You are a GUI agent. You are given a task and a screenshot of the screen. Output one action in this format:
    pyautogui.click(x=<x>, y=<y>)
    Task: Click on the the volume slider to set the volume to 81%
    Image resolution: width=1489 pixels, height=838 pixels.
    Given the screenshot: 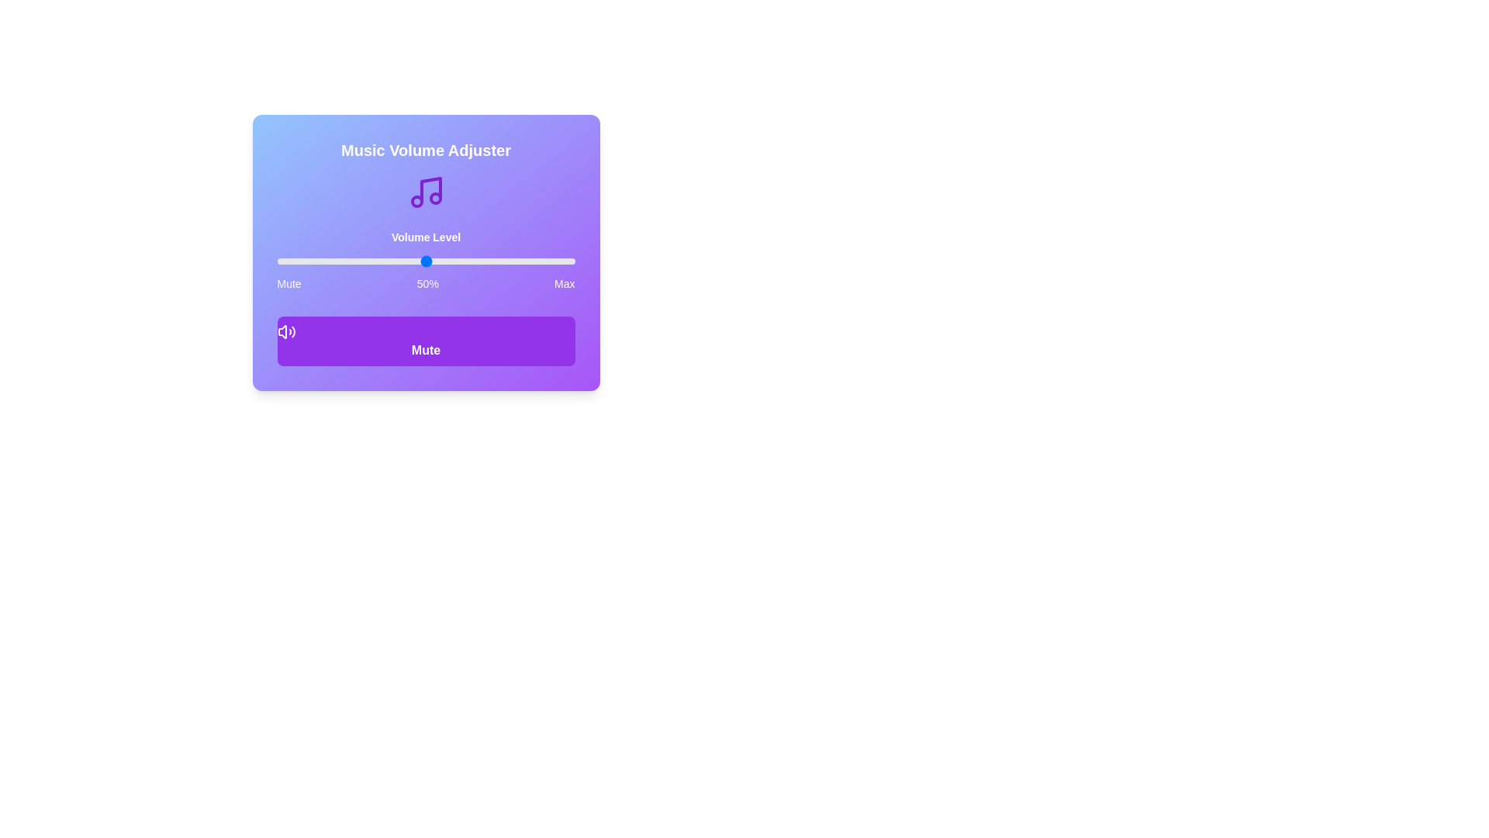 What is the action you would take?
    pyautogui.click(x=518, y=260)
    